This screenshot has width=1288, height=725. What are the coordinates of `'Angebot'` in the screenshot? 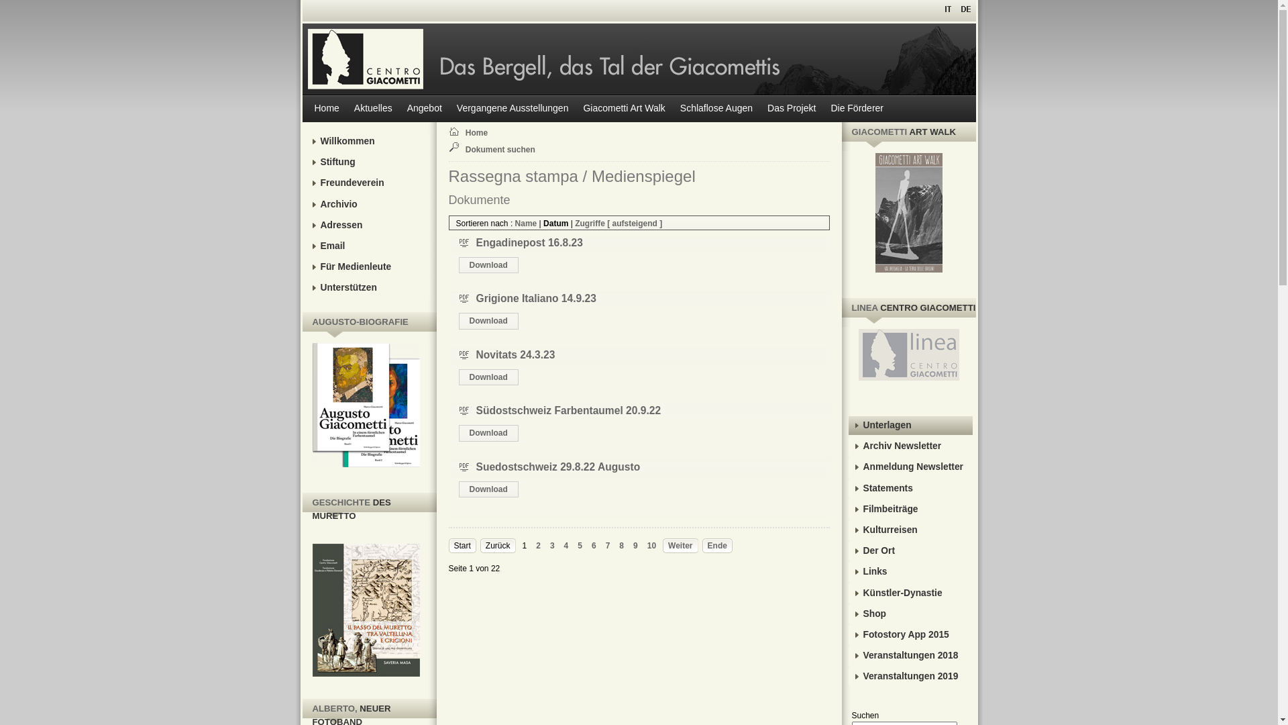 It's located at (424, 107).